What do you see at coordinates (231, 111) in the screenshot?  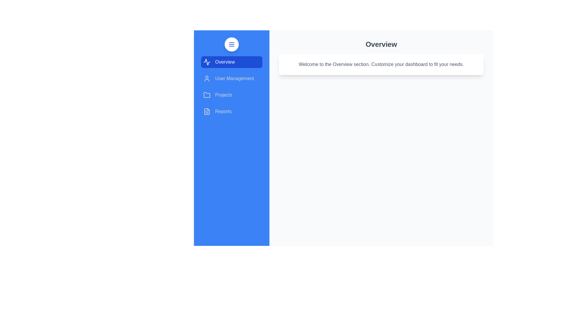 I see `the sidebar item corresponding to Reports` at bounding box center [231, 111].